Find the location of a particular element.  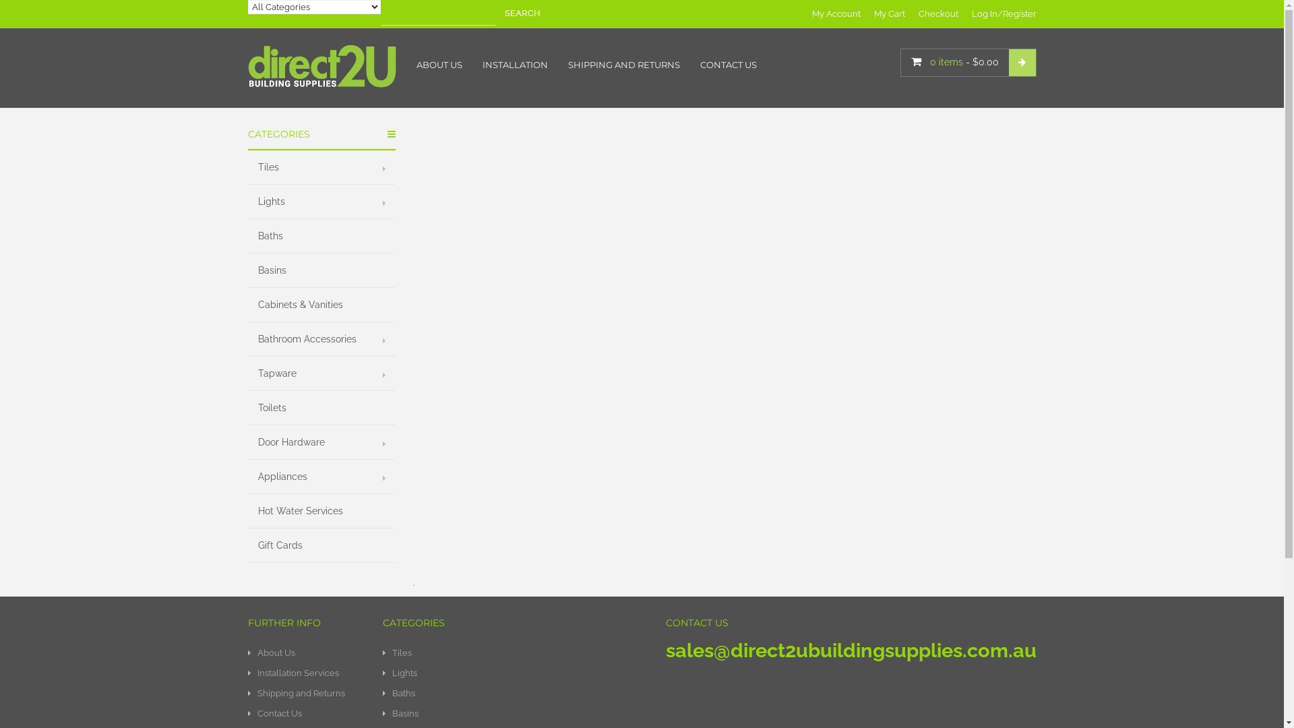

'ABOUT US' is located at coordinates (439, 65).